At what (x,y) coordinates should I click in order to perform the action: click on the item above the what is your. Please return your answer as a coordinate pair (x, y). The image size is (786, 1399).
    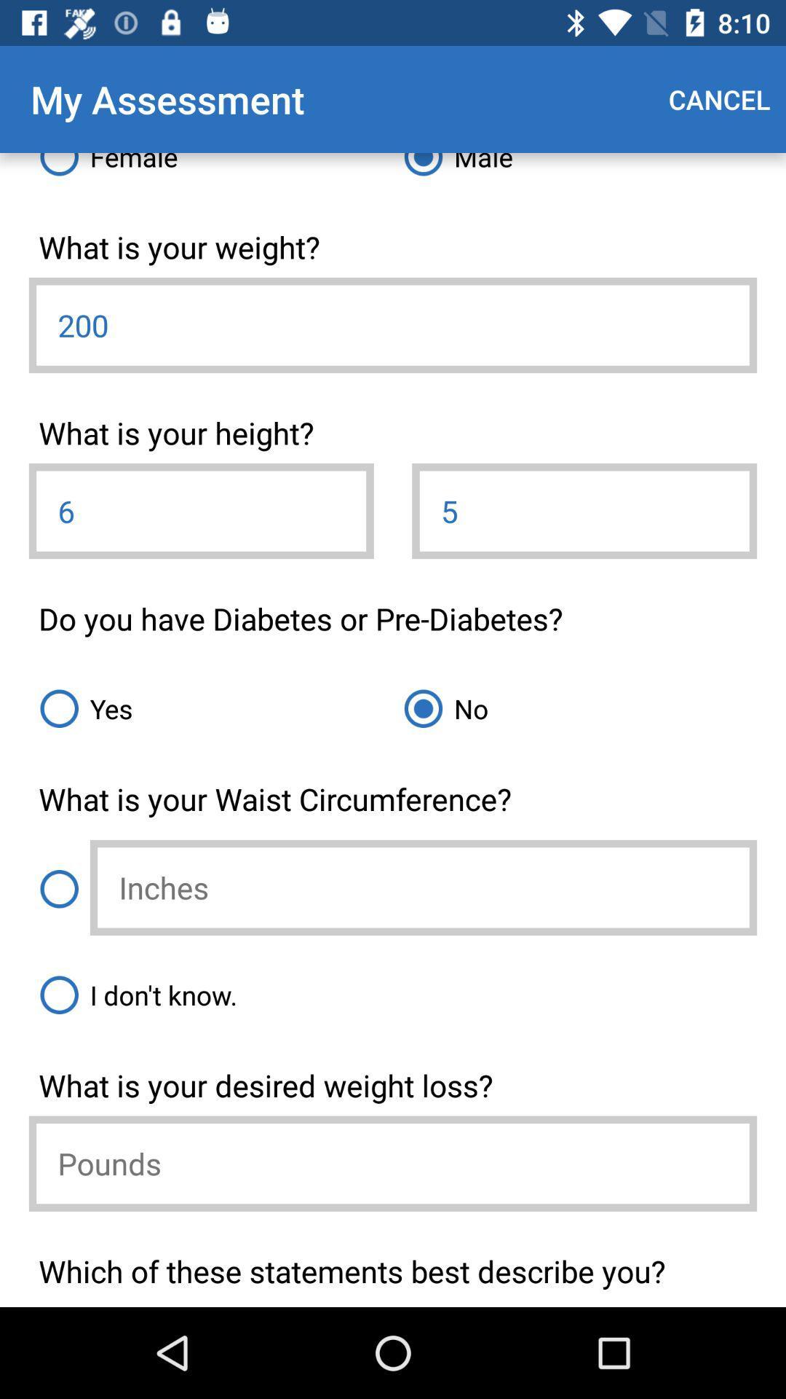
    Looking at the image, I should click on (574, 170).